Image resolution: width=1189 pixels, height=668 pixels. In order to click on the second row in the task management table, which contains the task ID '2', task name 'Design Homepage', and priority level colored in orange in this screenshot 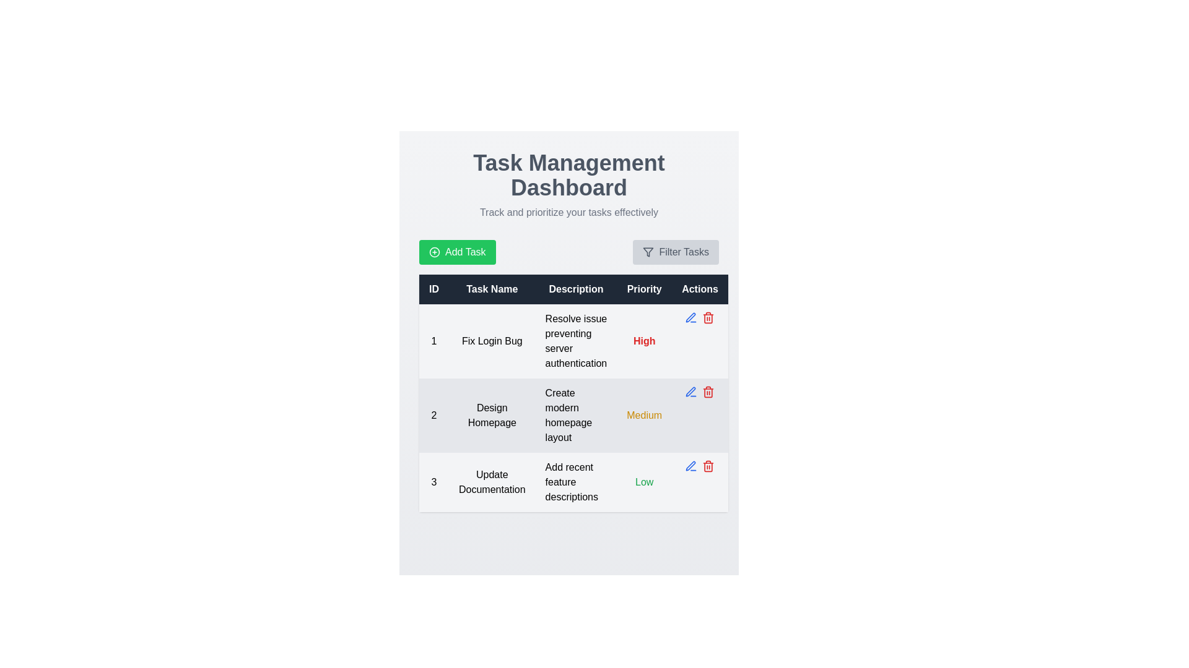, I will do `click(573, 415)`.